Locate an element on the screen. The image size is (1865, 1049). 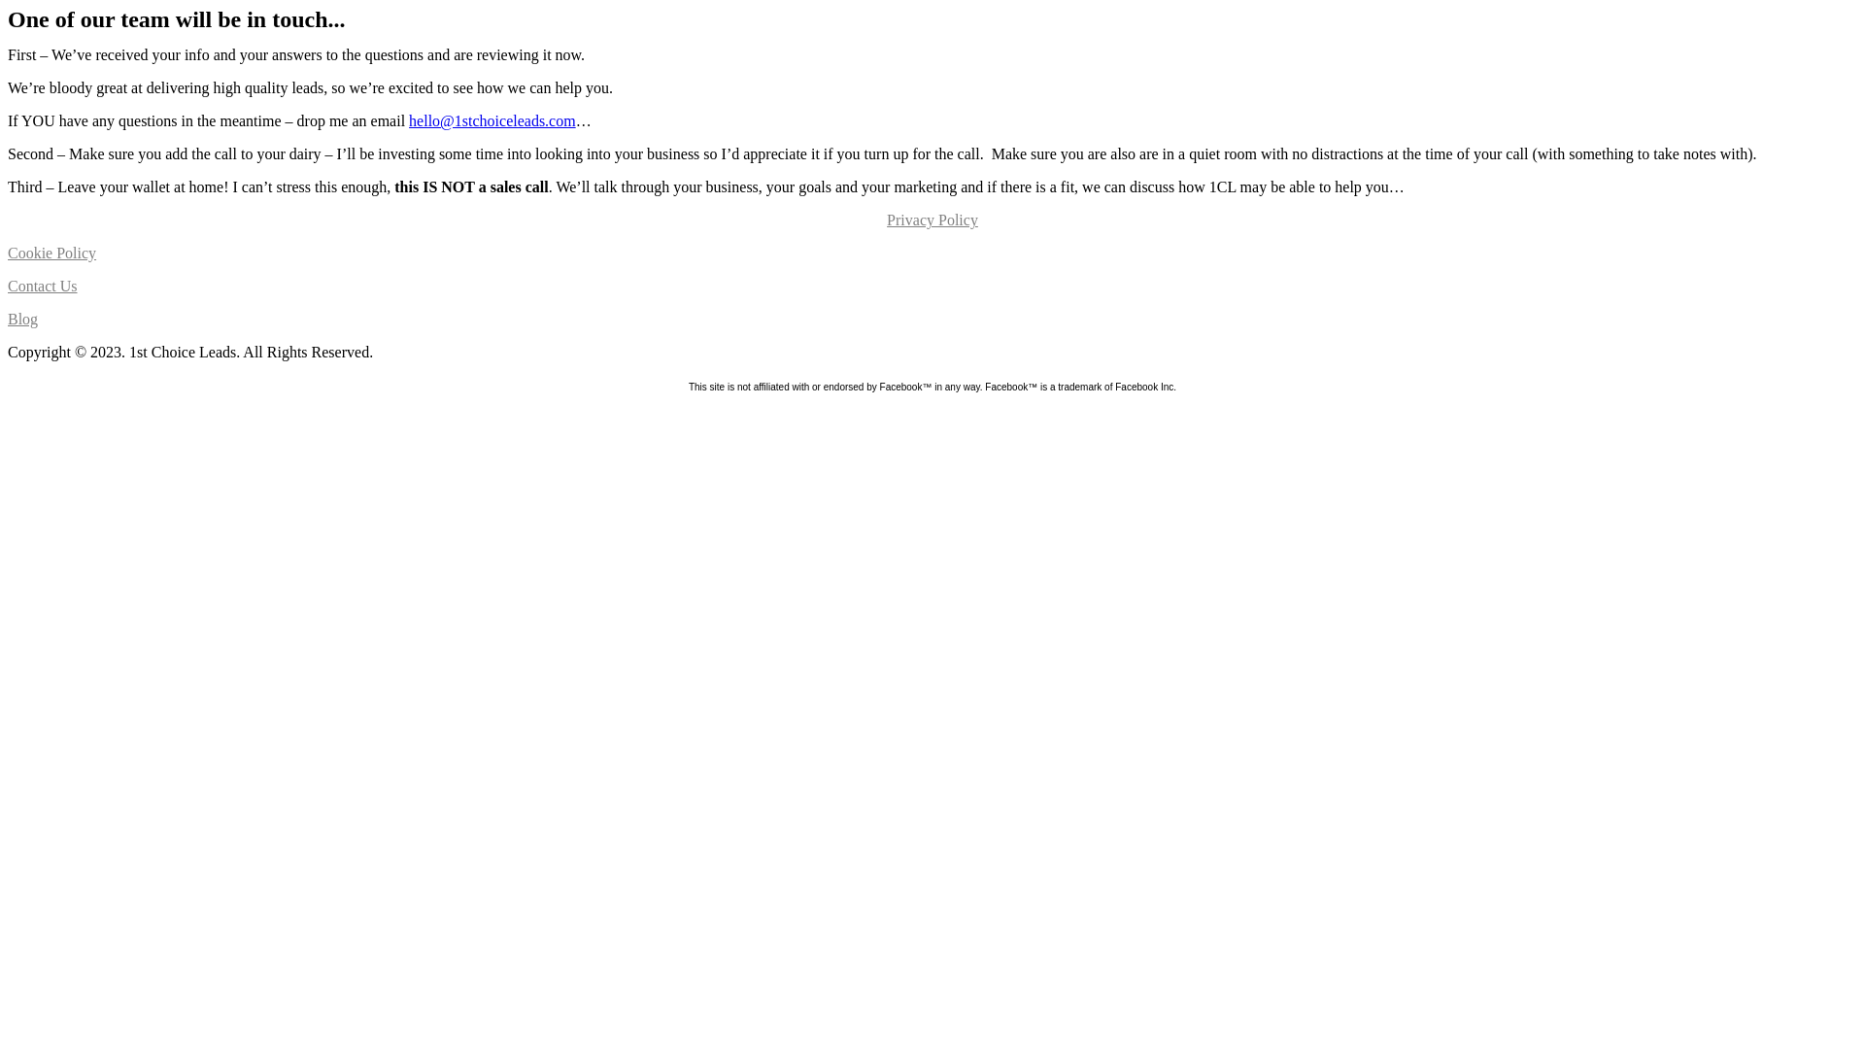
'Privacy Policy' is located at coordinates (932, 219).